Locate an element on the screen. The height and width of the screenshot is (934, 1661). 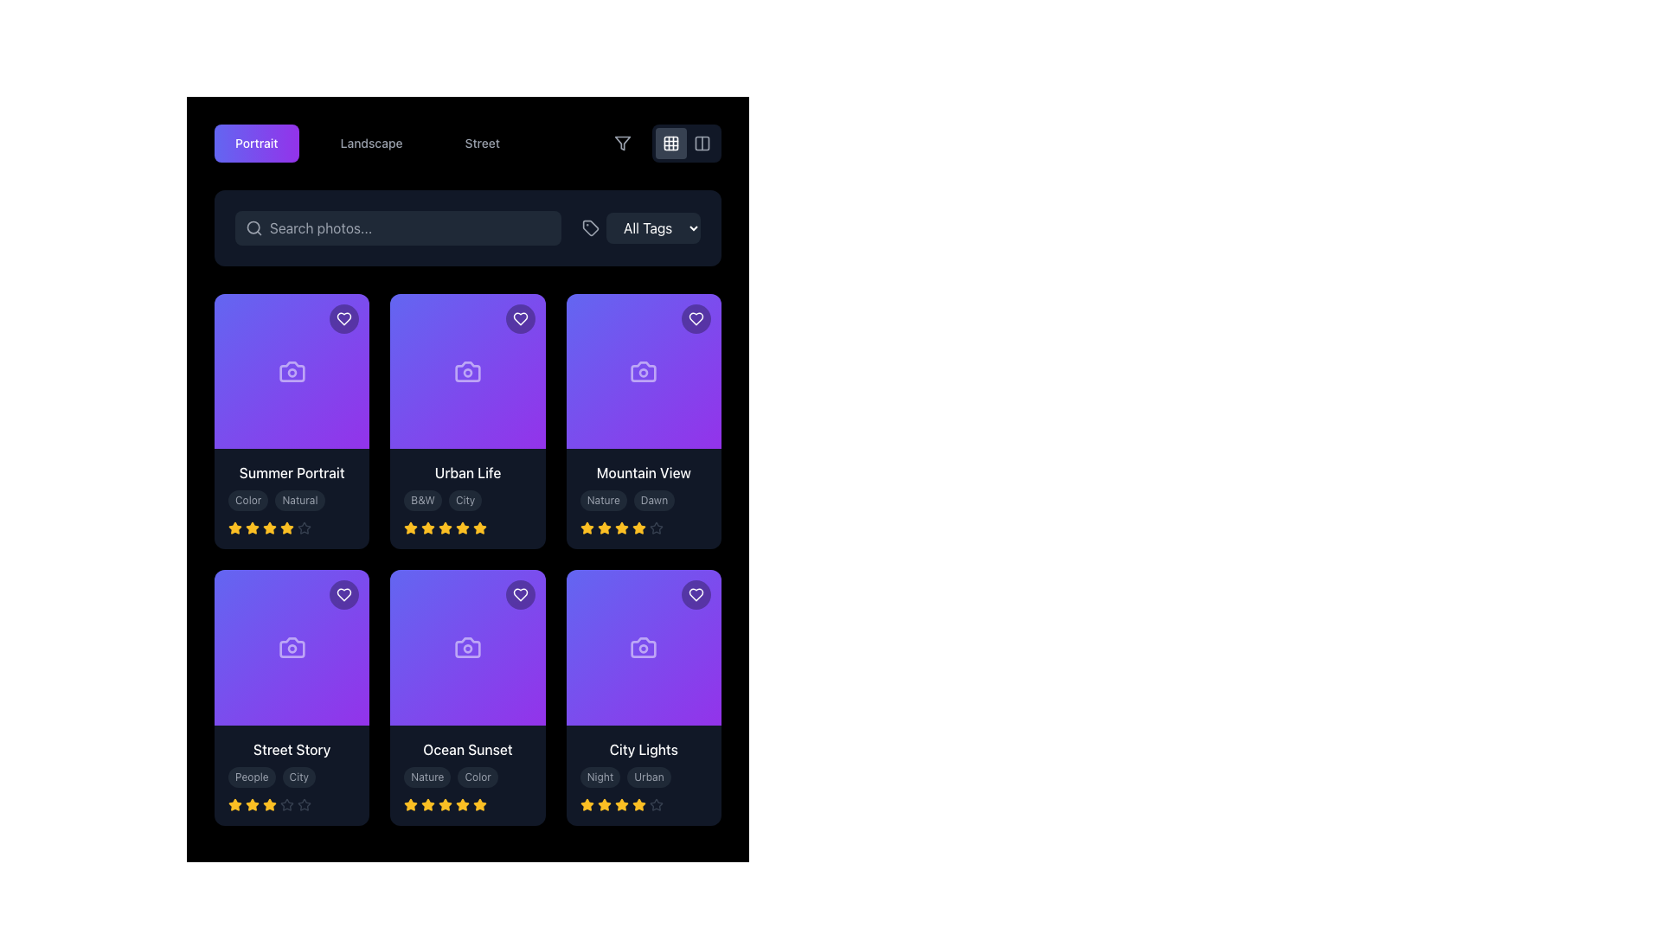
the last golden star icon in the rating section below the title 'City Lights' for an alternative action is located at coordinates (638, 804).